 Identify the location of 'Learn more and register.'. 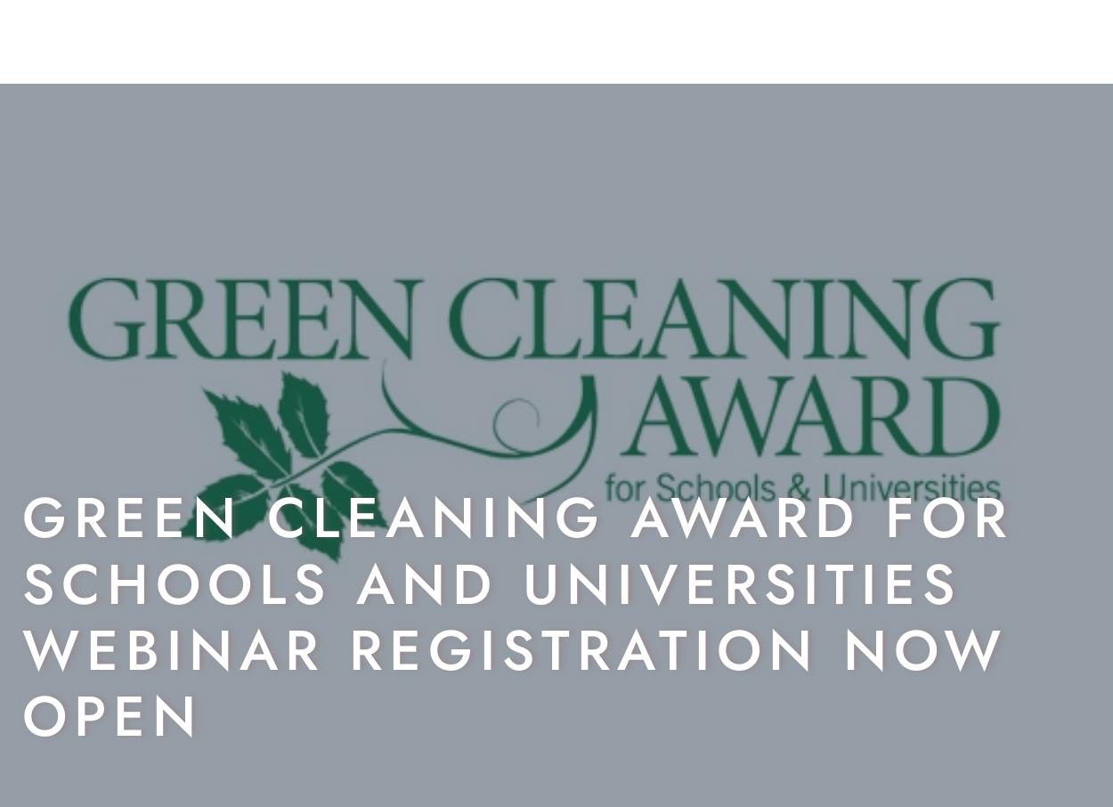
(22, 665).